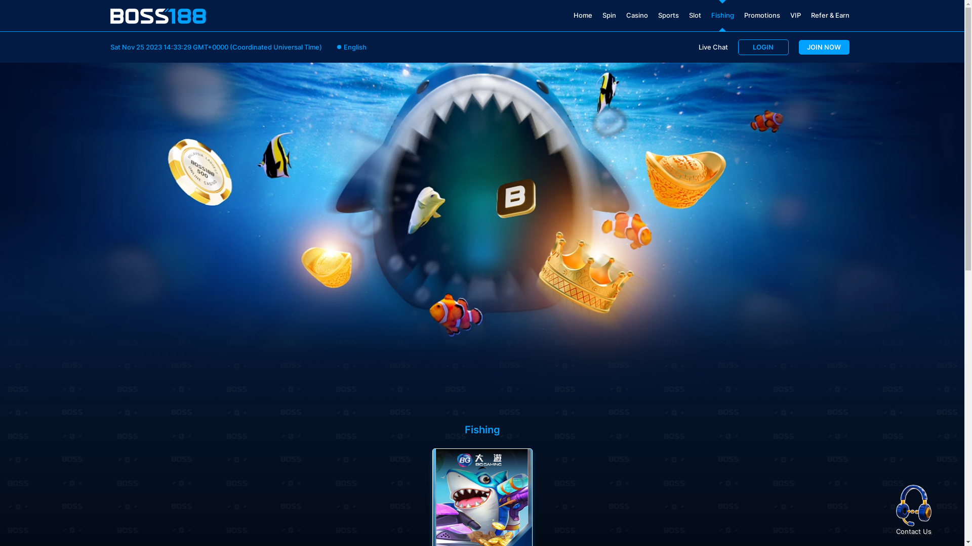 The width and height of the screenshot is (972, 546). I want to click on 'VIP', so click(794, 15).